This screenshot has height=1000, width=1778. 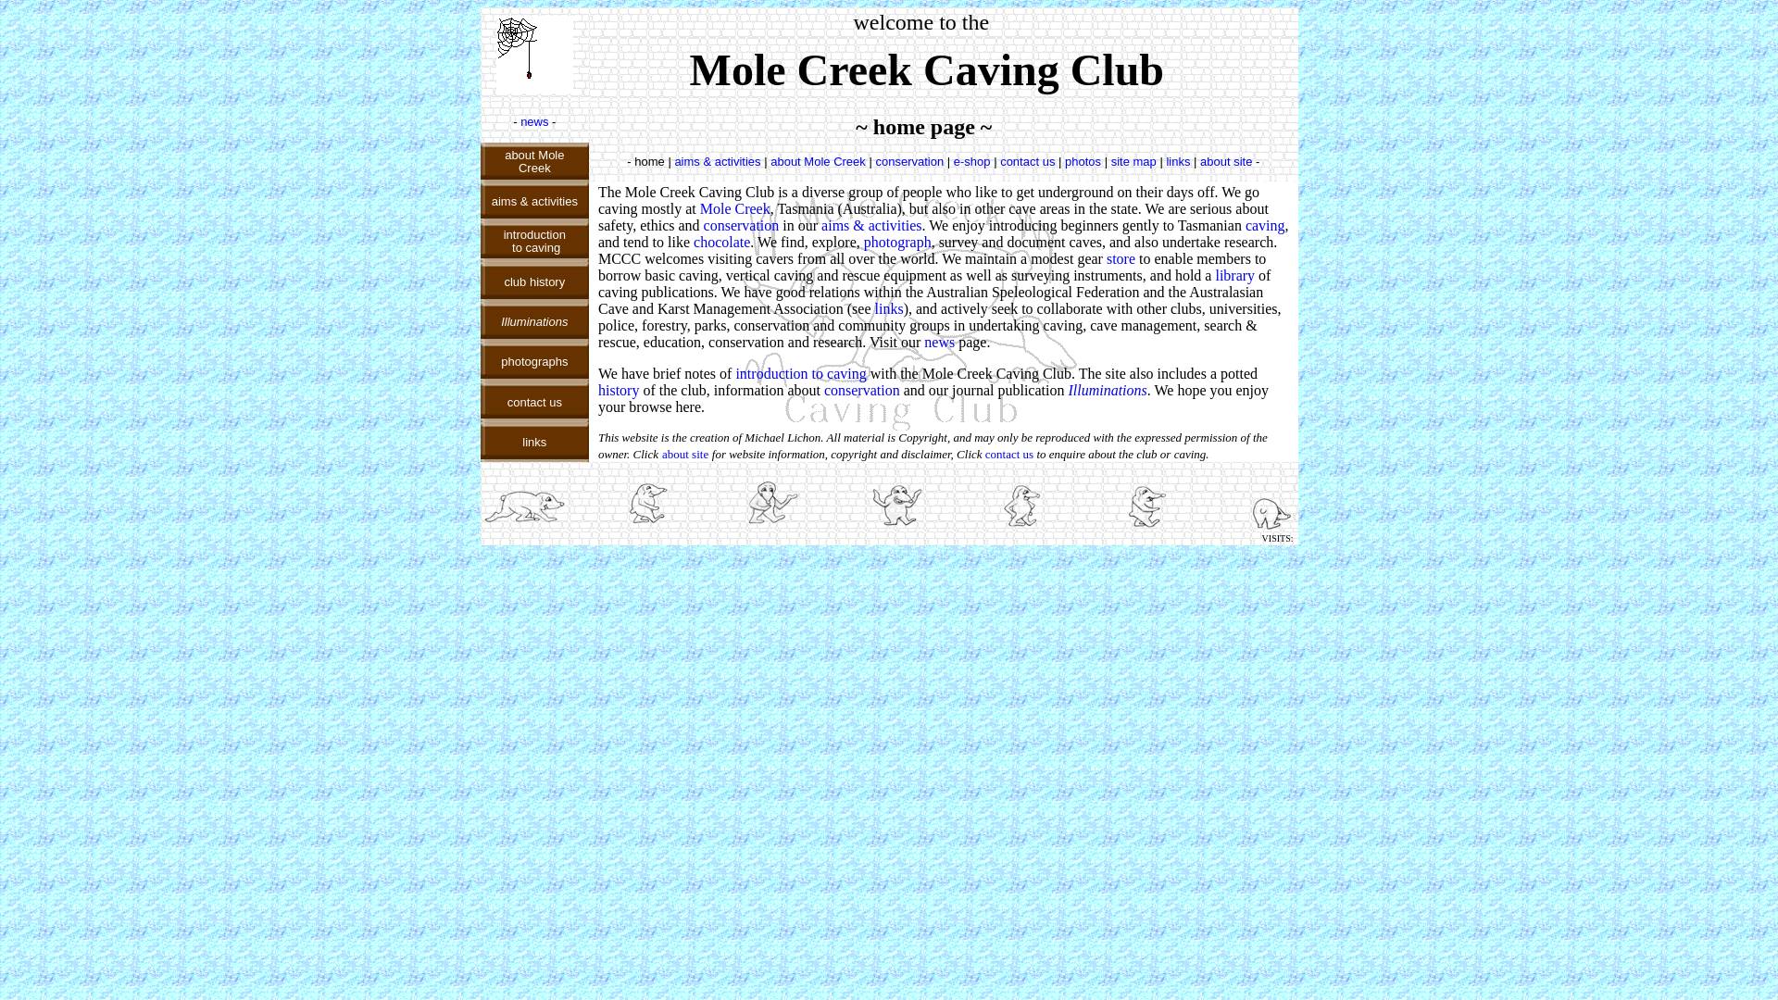 What do you see at coordinates (909, 159) in the screenshot?
I see `'conservation'` at bounding box center [909, 159].